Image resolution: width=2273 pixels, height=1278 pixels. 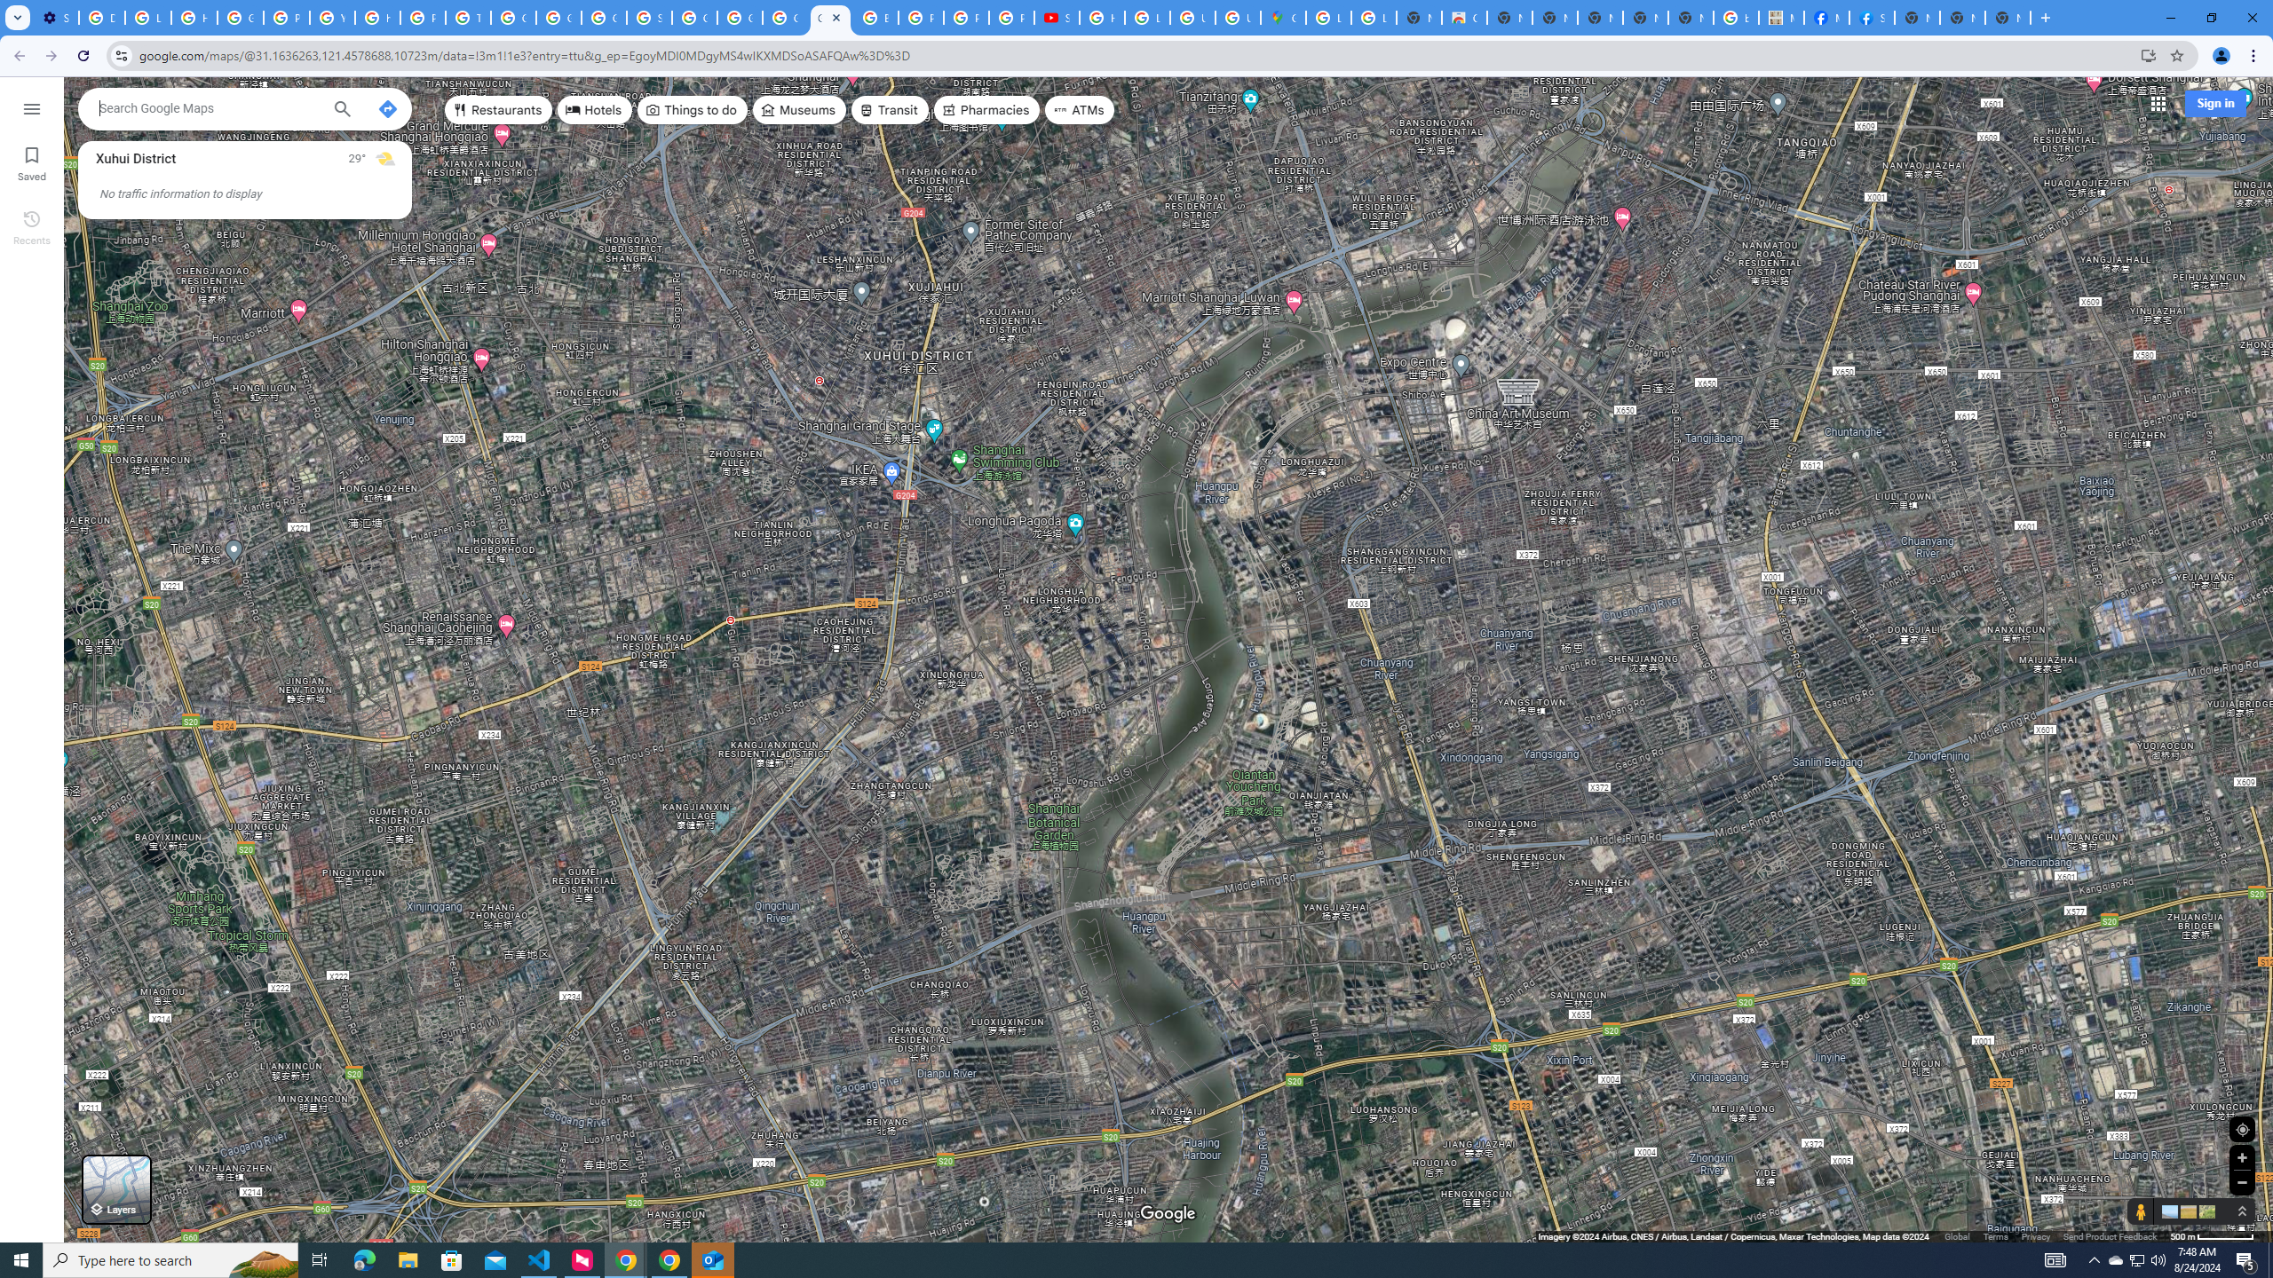 What do you see at coordinates (115, 1189) in the screenshot?
I see `'Layers'` at bounding box center [115, 1189].